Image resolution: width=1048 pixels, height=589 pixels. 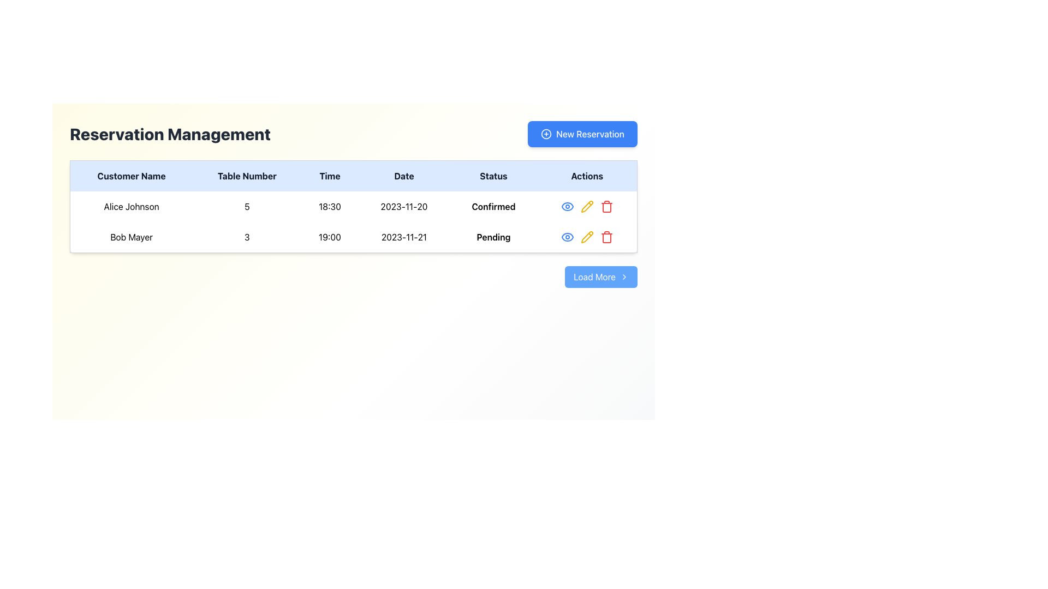 What do you see at coordinates (606, 206) in the screenshot?
I see `the deletion button located at the right end of the reservation table, which is the last icon in the horizontal action icons group` at bounding box center [606, 206].